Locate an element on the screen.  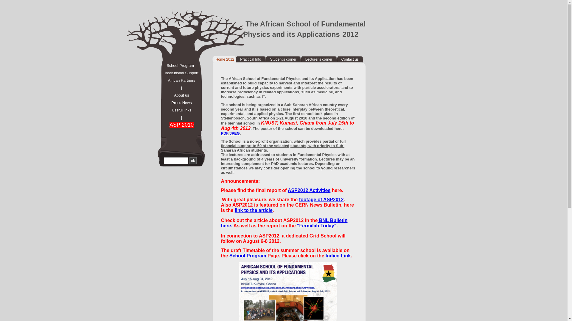
'Student's corner' is located at coordinates (283, 59).